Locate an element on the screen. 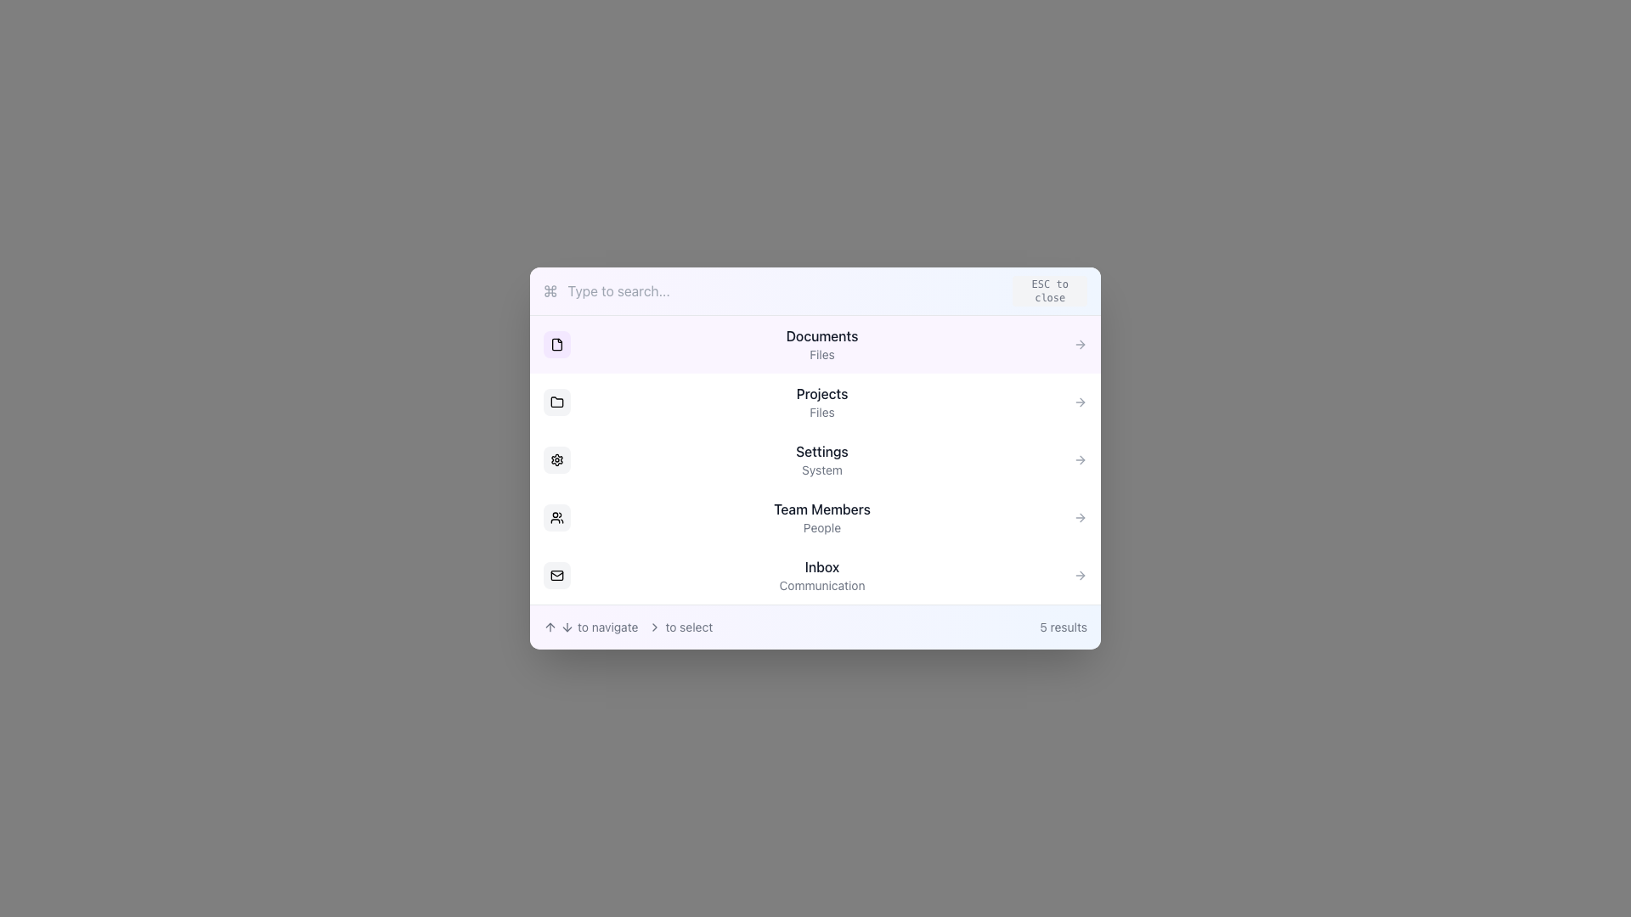 The height and width of the screenshot is (917, 1631). the text label displaying 'Projects' is located at coordinates (822, 393).